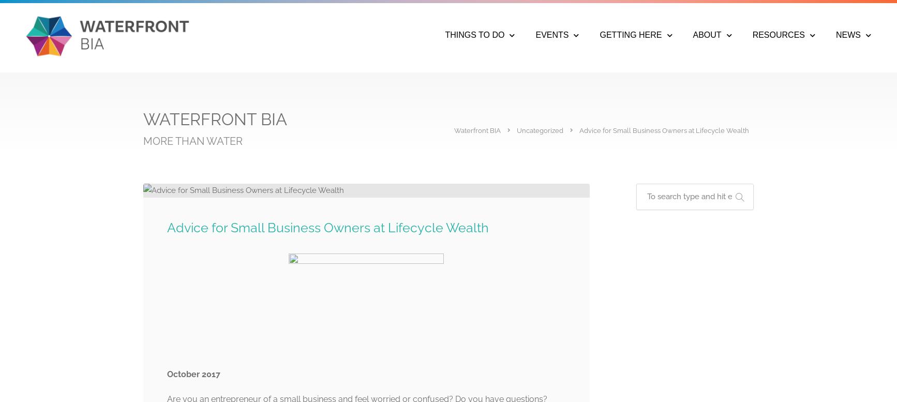  Describe the element at coordinates (215, 119) in the screenshot. I see `'WATERFRONT BIA'` at that location.